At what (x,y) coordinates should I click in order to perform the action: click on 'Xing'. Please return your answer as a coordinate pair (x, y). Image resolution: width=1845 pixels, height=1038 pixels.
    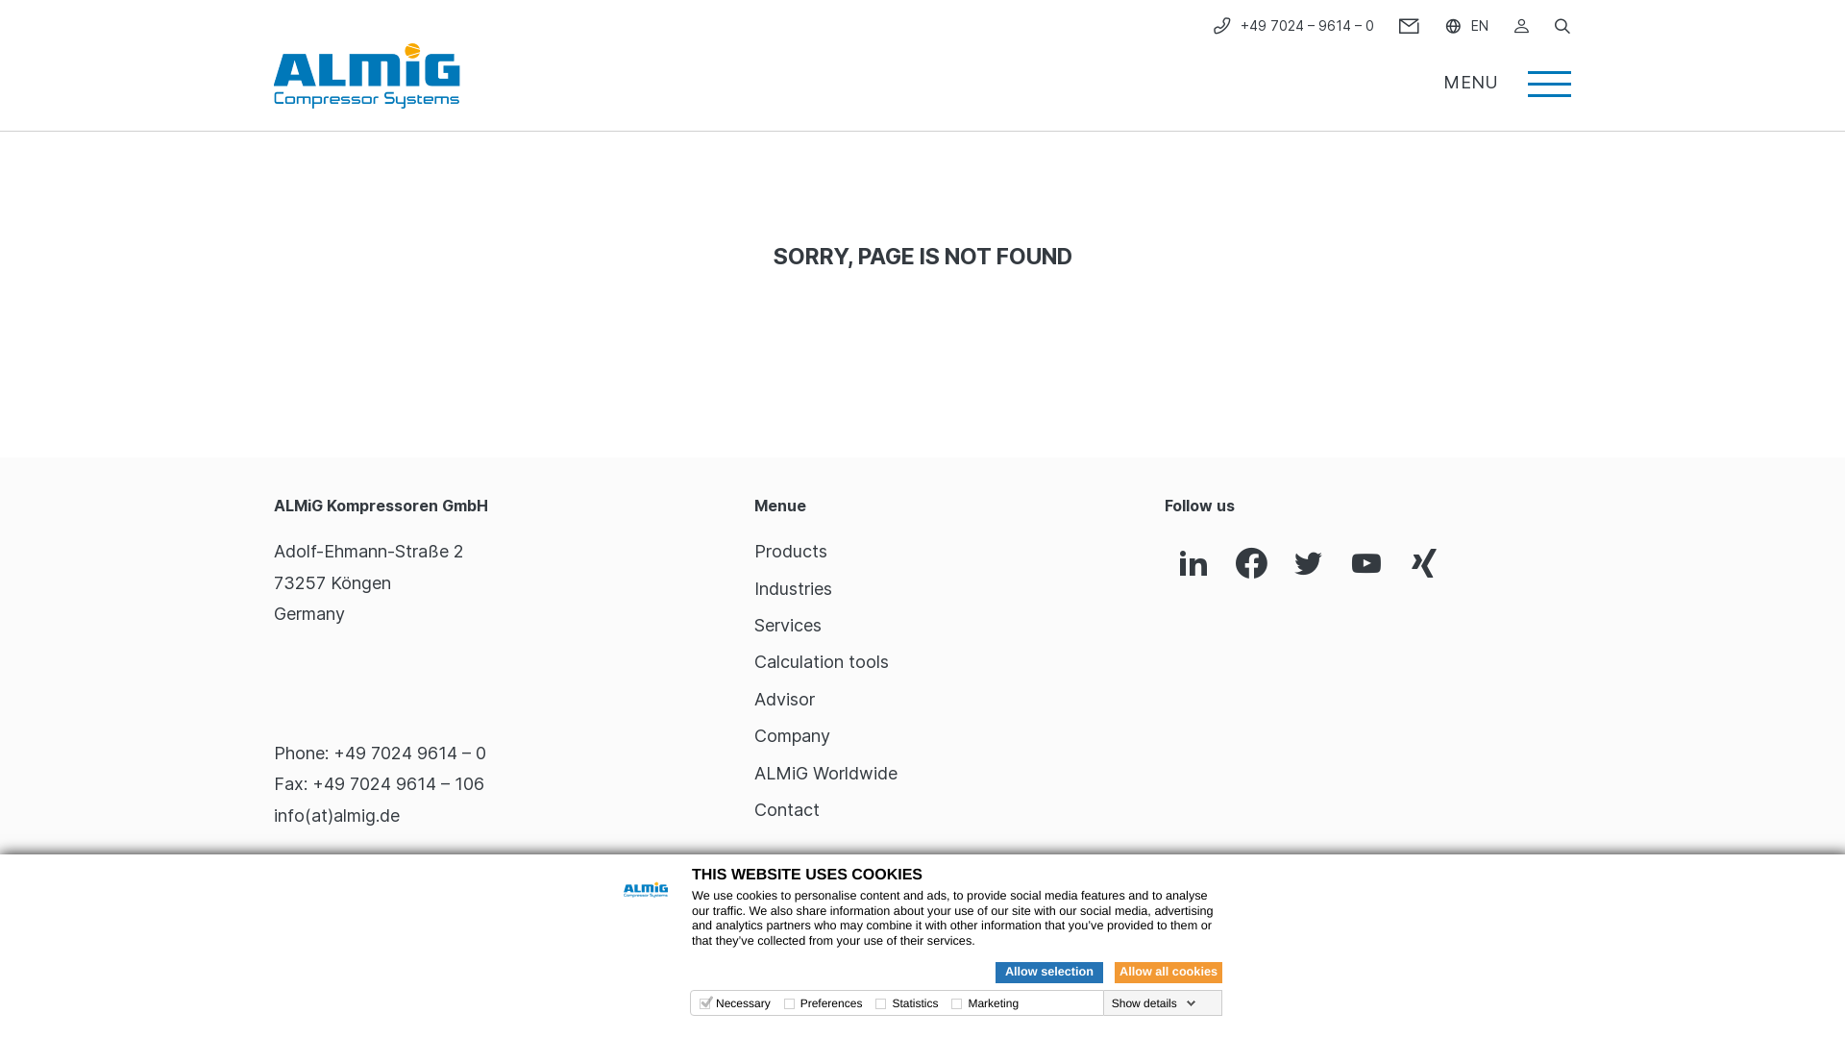
    Looking at the image, I should click on (1424, 563).